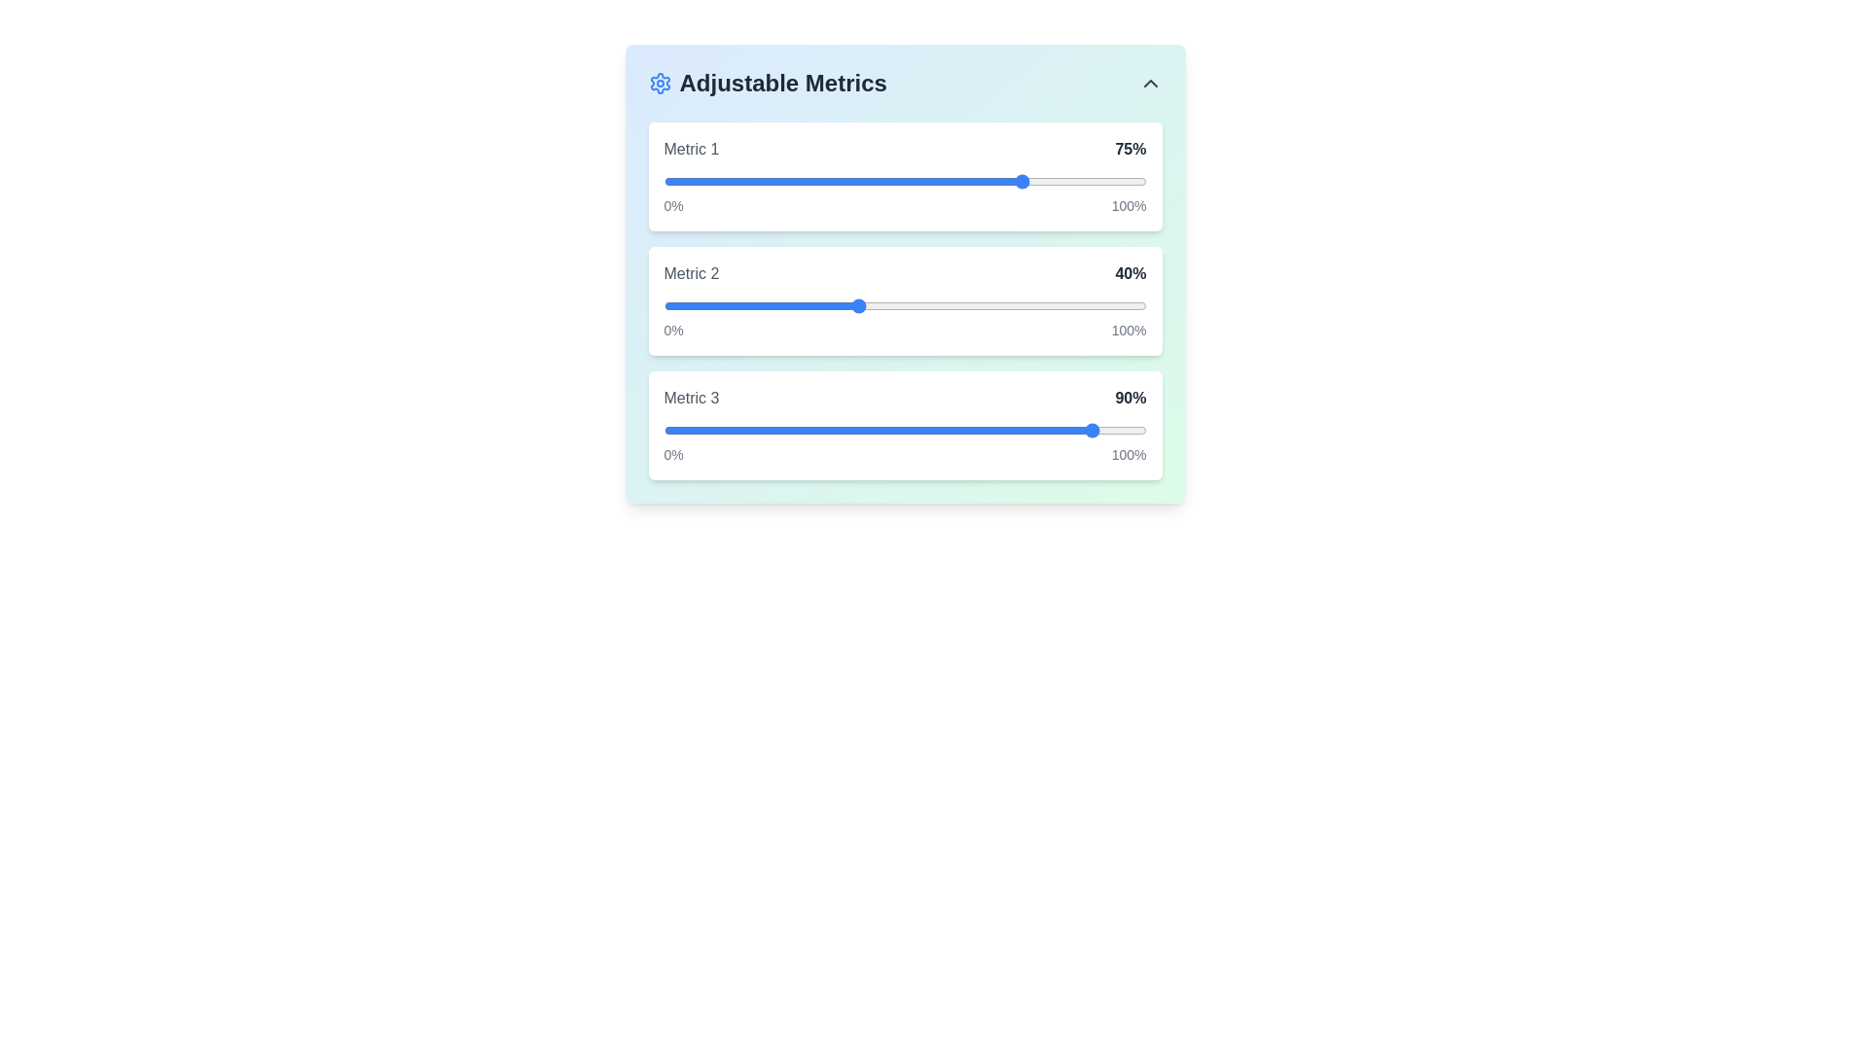  What do you see at coordinates (846, 306) in the screenshot?
I see `the Metric 2 slider` at bounding box center [846, 306].